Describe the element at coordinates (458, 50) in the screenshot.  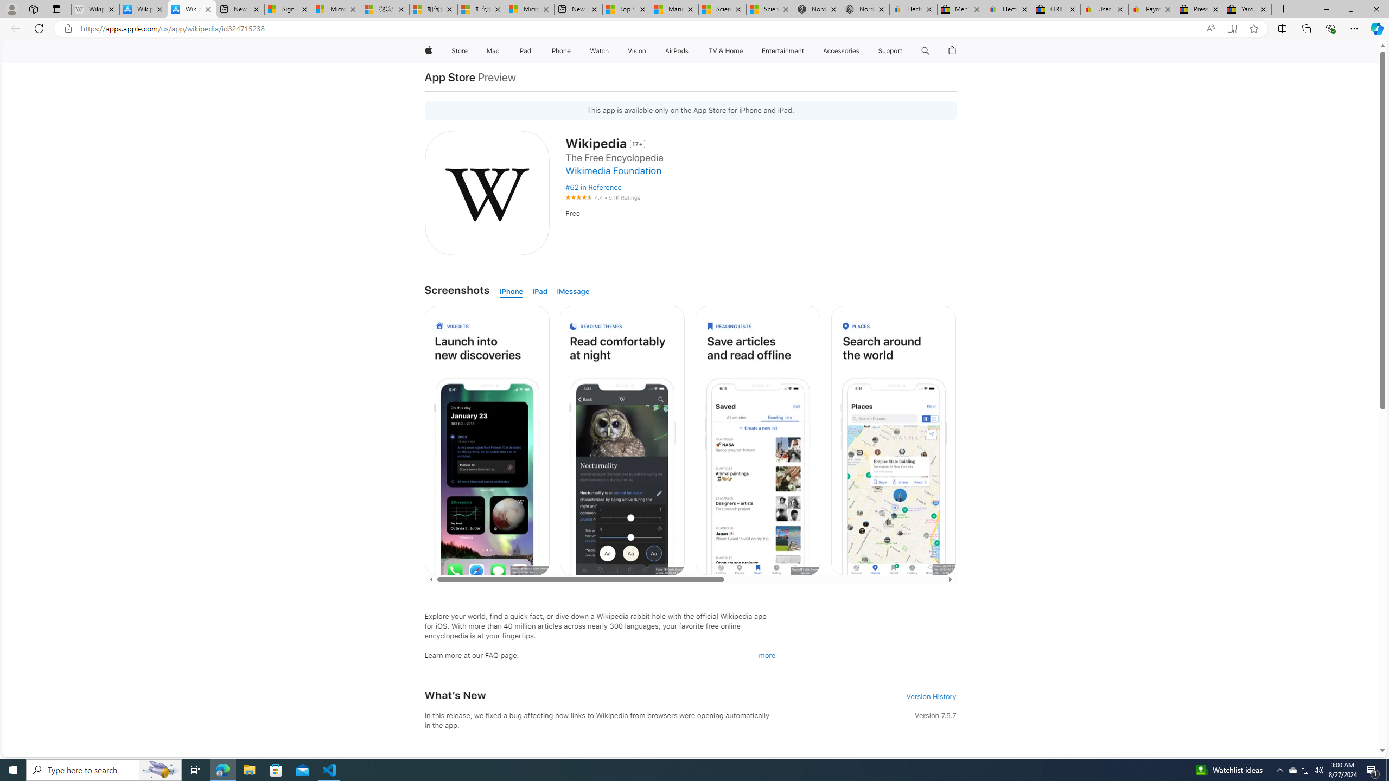
I see `'Store'` at that location.